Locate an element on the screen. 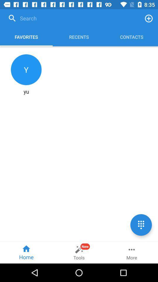 The width and height of the screenshot is (158, 282). favorites is located at coordinates (149, 18).